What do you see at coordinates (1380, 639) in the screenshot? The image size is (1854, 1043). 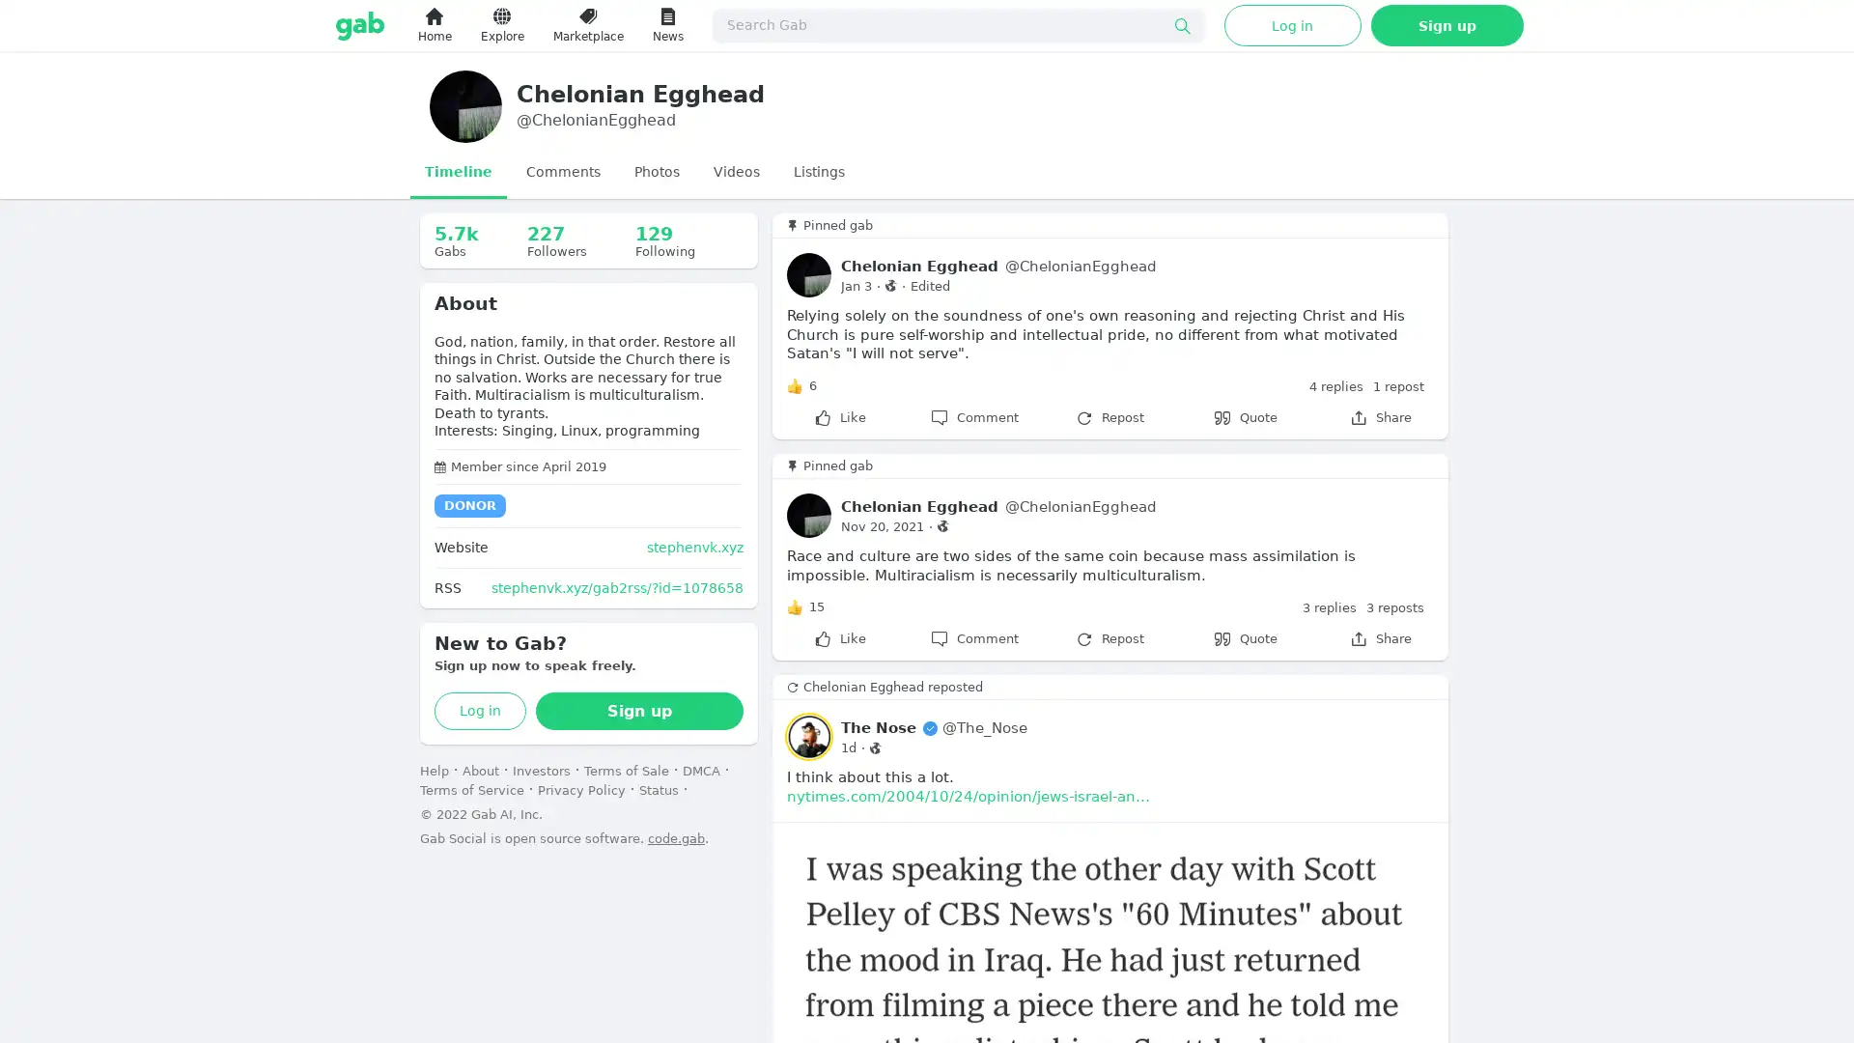 I see `Share` at bounding box center [1380, 639].